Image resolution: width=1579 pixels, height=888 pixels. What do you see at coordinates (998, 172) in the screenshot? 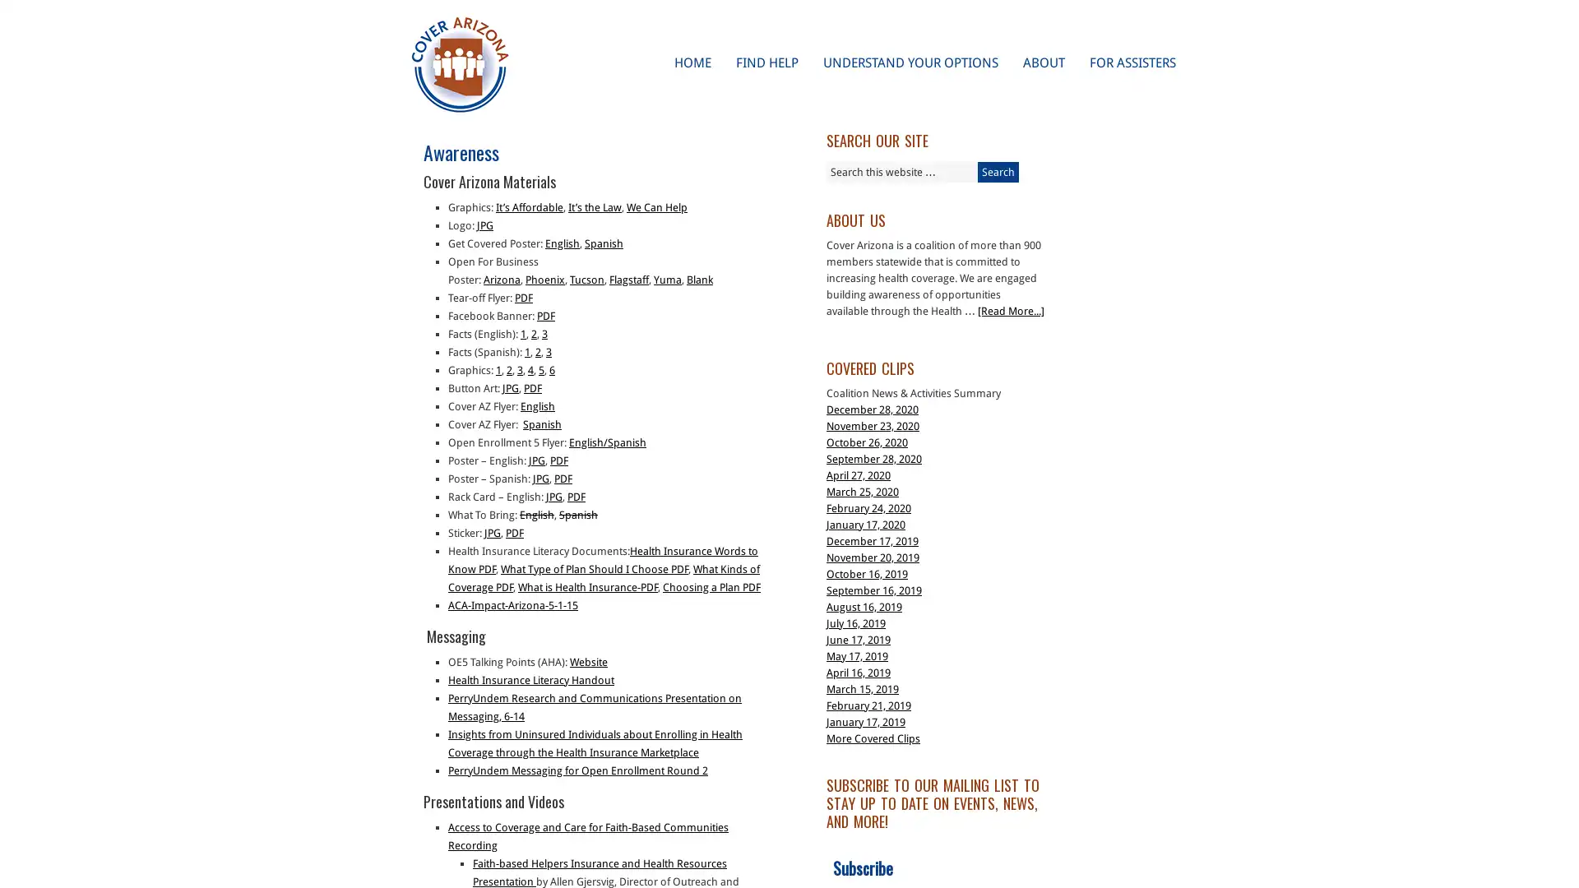
I see `Search` at bounding box center [998, 172].